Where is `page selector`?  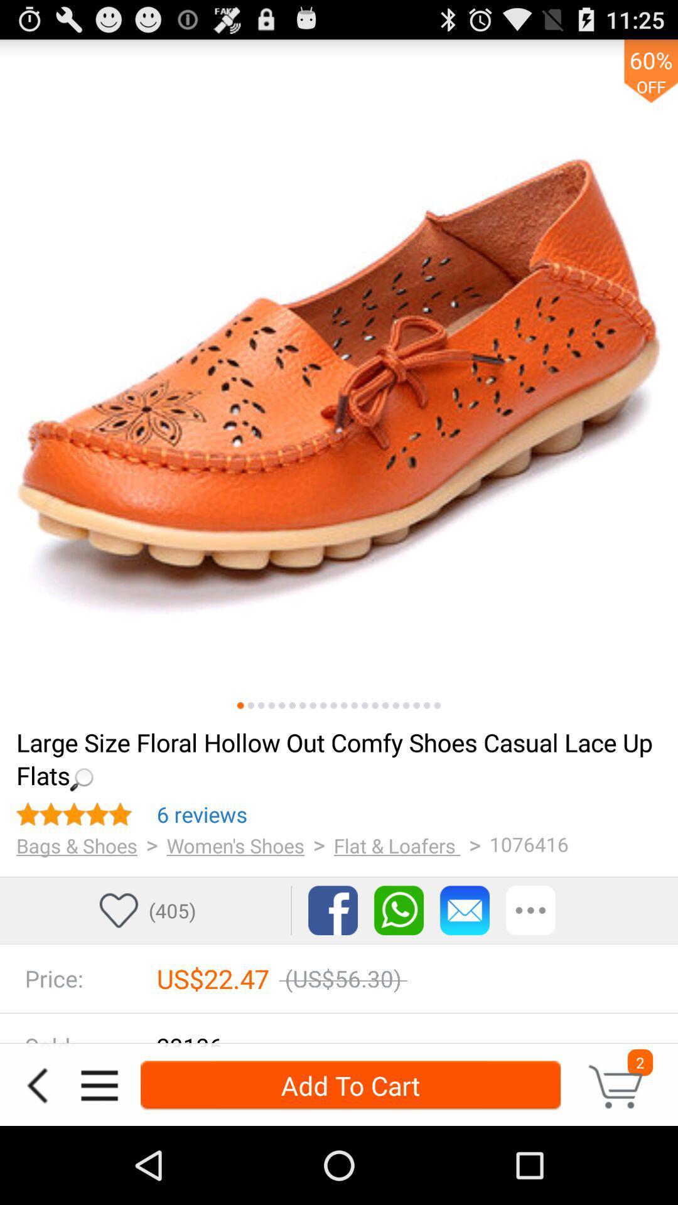 page selector is located at coordinates (395, 705).